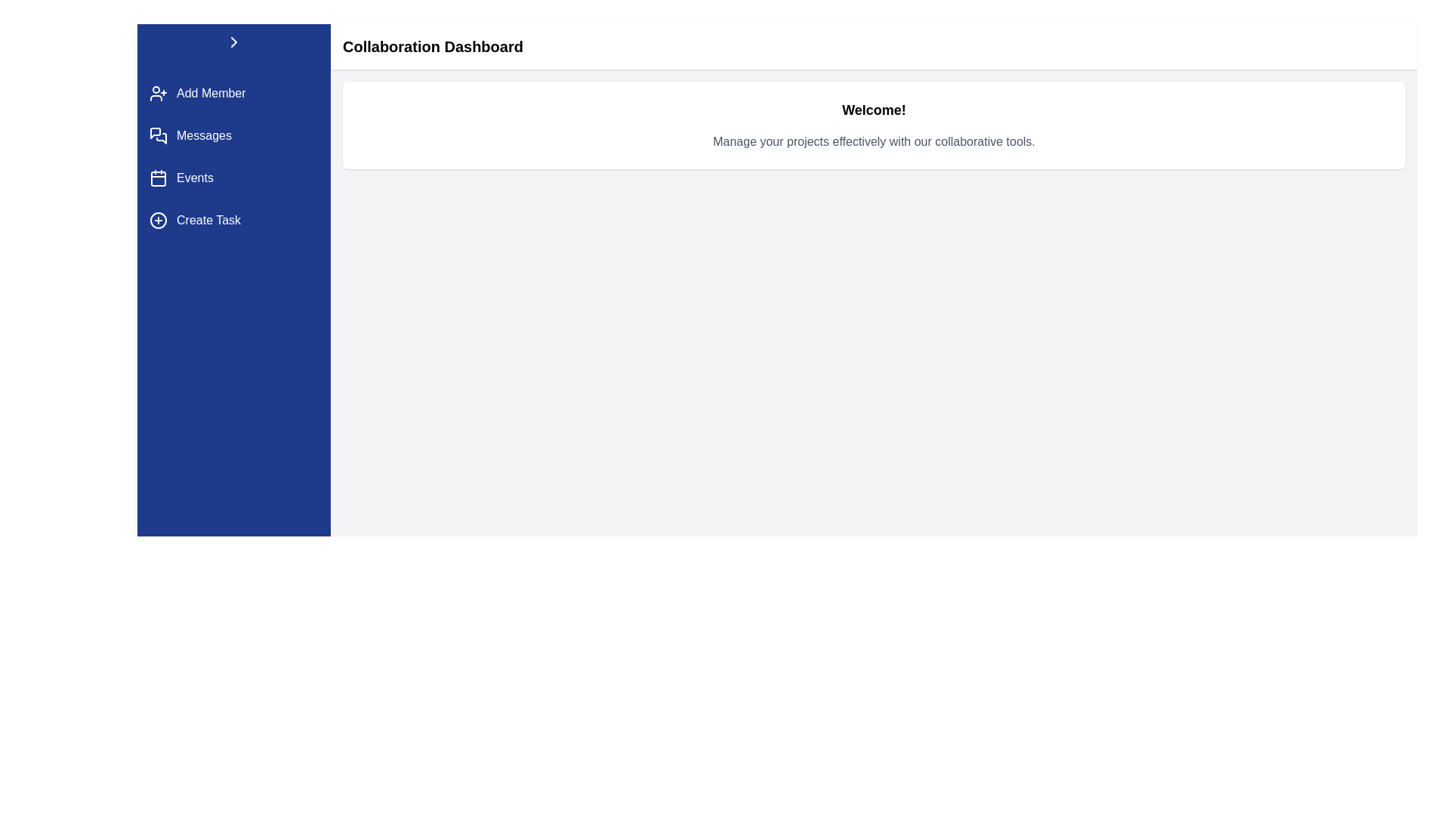 The width and height of the screenshot is (1450, 816). Describe the element at coordinates (194, 177) in the screenshot. I see `'Events' text label in the vertical navigation menu, which is styled with a white font on a blue background and is the third item in the menu` at that location.